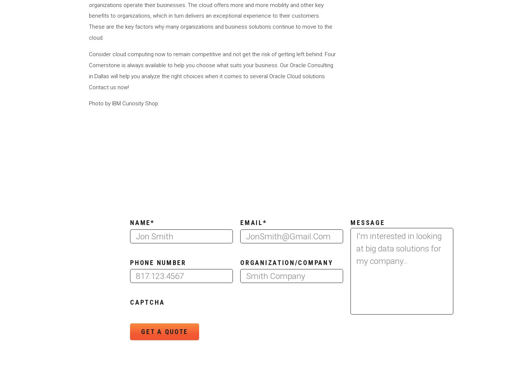 The width and height of the screenshot is (529, 392). Describe the element at coordinates (212, 65) in the screenshot. I see `'Consider cloud computing now to remain competitive and not get the risk of getting left behind. Four Cornerstone is always available to help you choose what suits your business. Our Oracle Consulting in Dallas will help you analyze the right choices when it comes to several'` at that location.